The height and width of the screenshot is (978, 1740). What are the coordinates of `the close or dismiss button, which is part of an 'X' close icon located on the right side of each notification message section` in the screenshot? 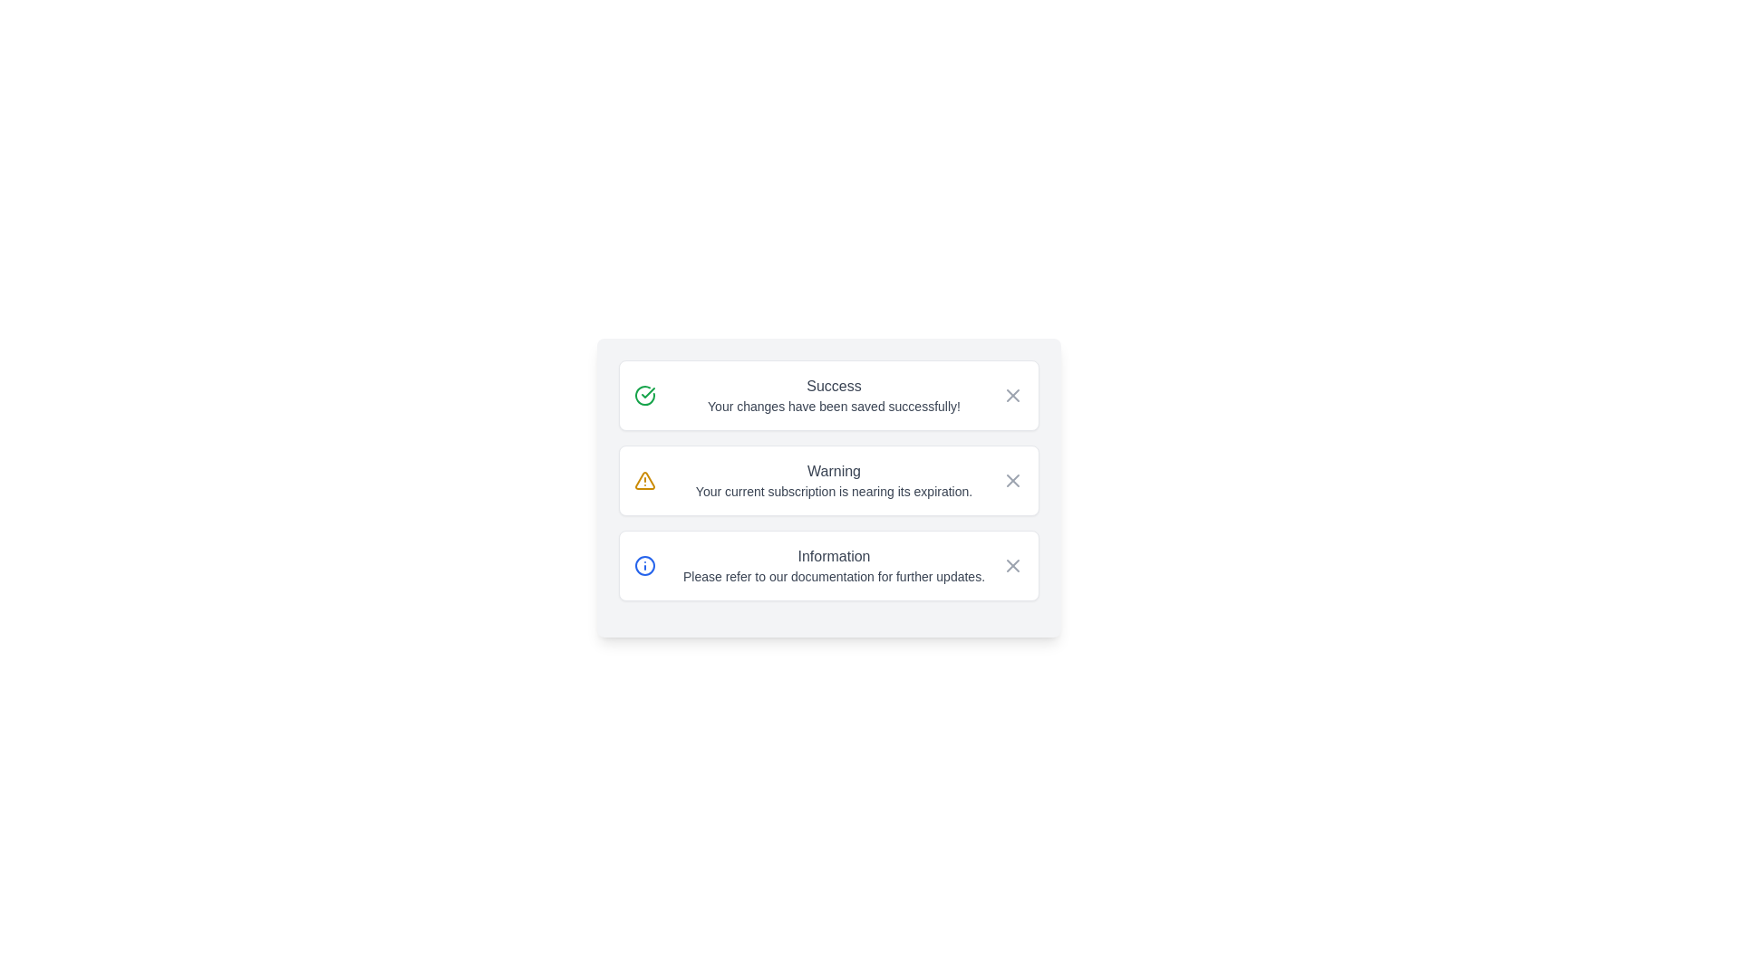 It's located at (1011, 564).